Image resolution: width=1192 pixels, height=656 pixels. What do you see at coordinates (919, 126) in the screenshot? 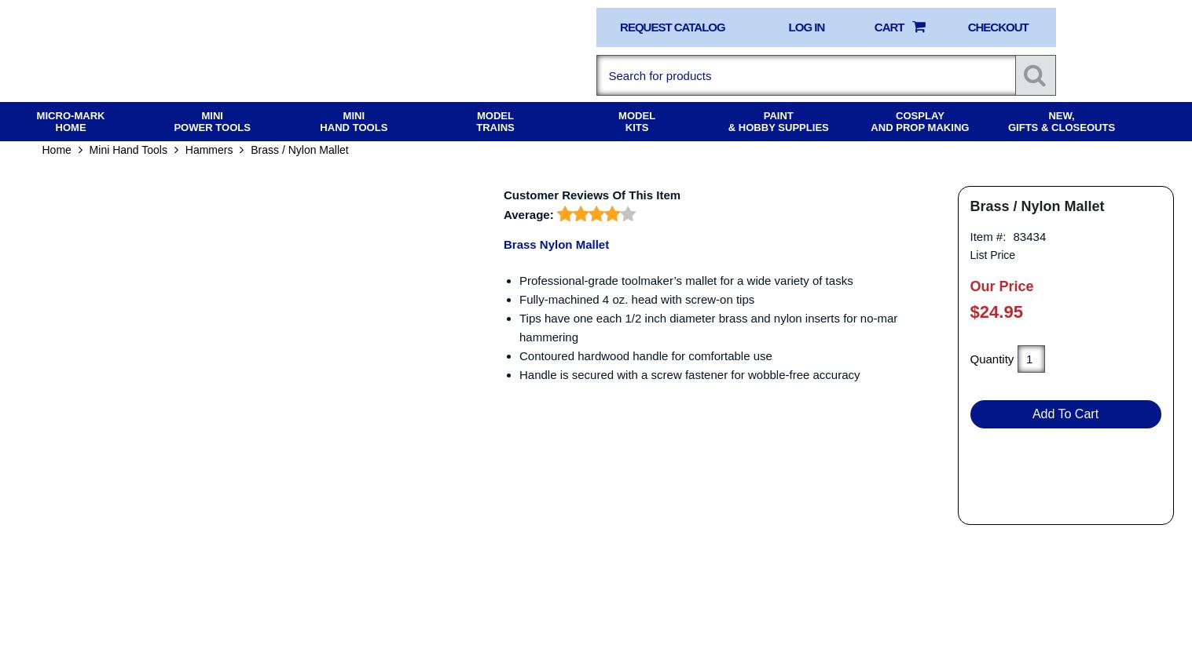
I see `'and Prop Making'` at bounding box center [919, 126].